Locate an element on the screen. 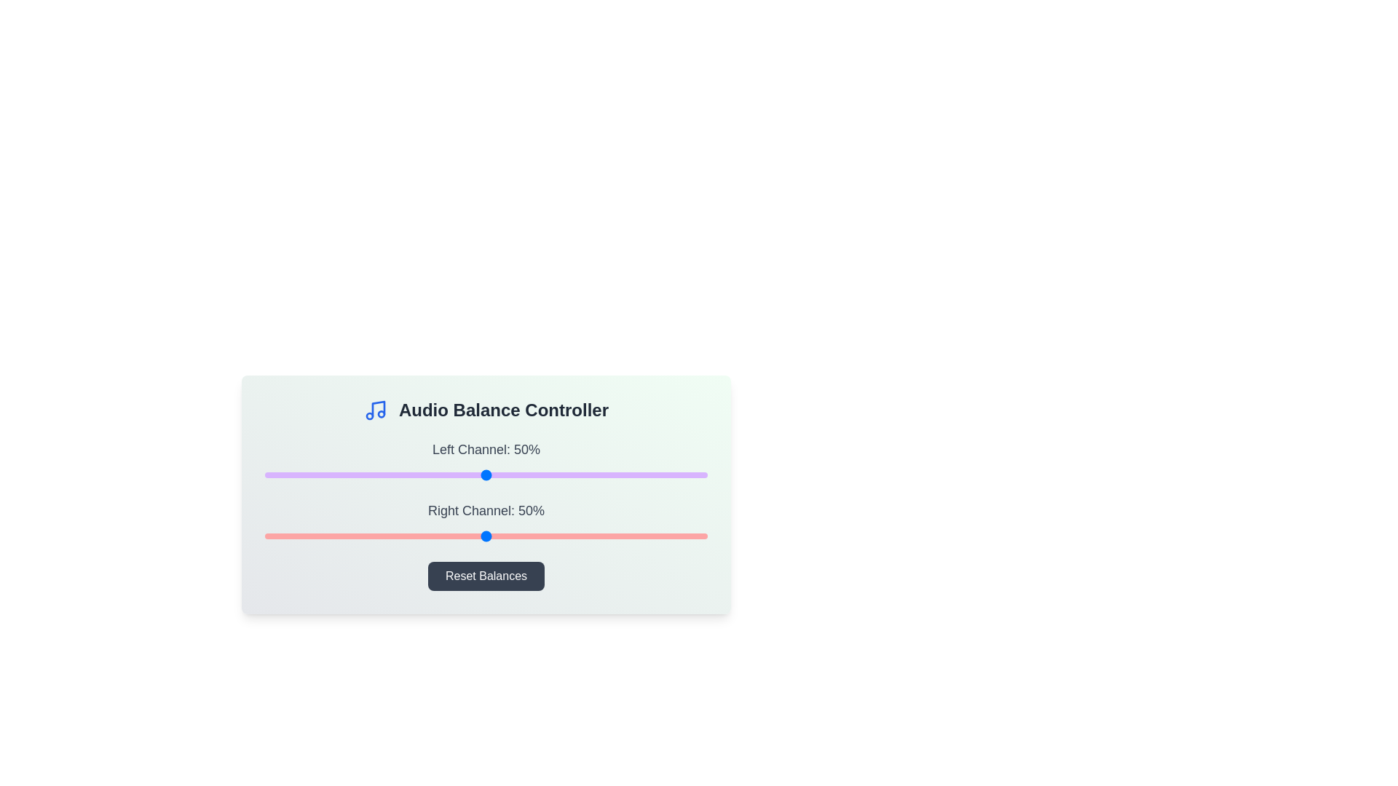  the 'Reset Balances' button to reset the left and right channels to 50% is located at coordinates (486, 575).